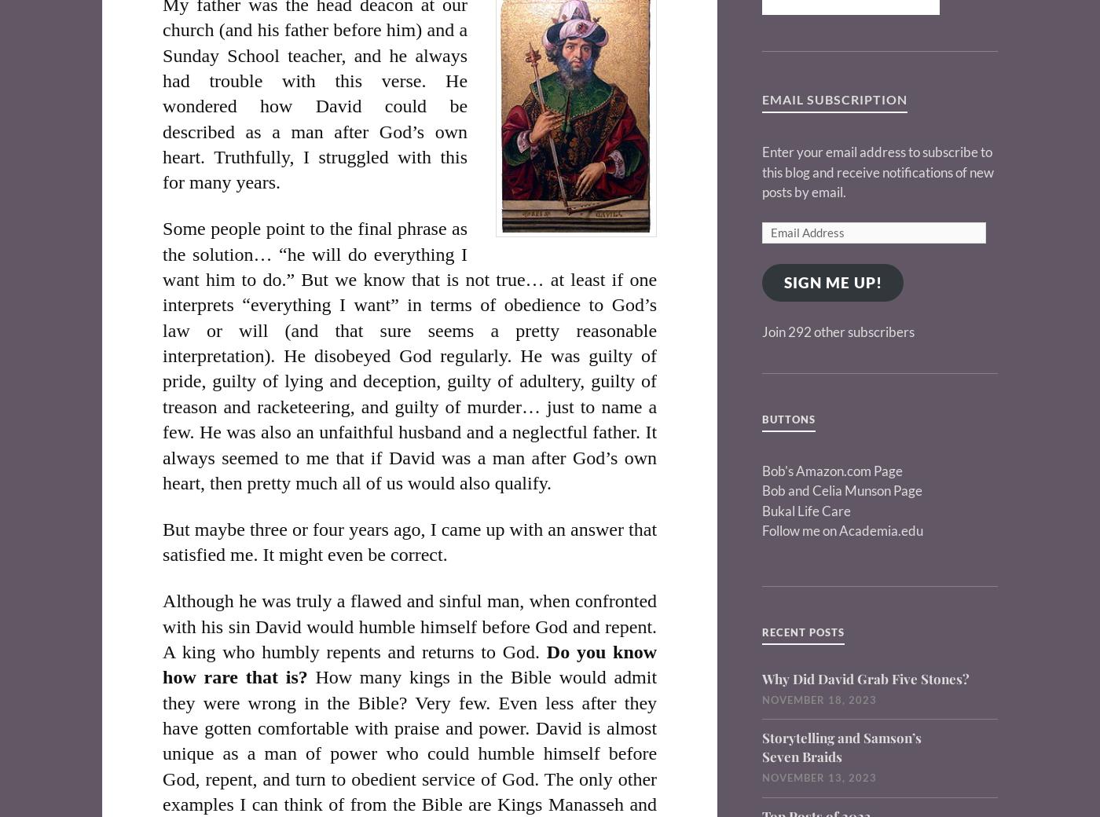 Image resolution: width=1100 pixels, height=817 pixels. Describe the element at coordinates (409, 541) in the screenshot. I see `'But maybe three or four years ago, I came up with an answer that satisfied me. It might even be correct.'` at that location.